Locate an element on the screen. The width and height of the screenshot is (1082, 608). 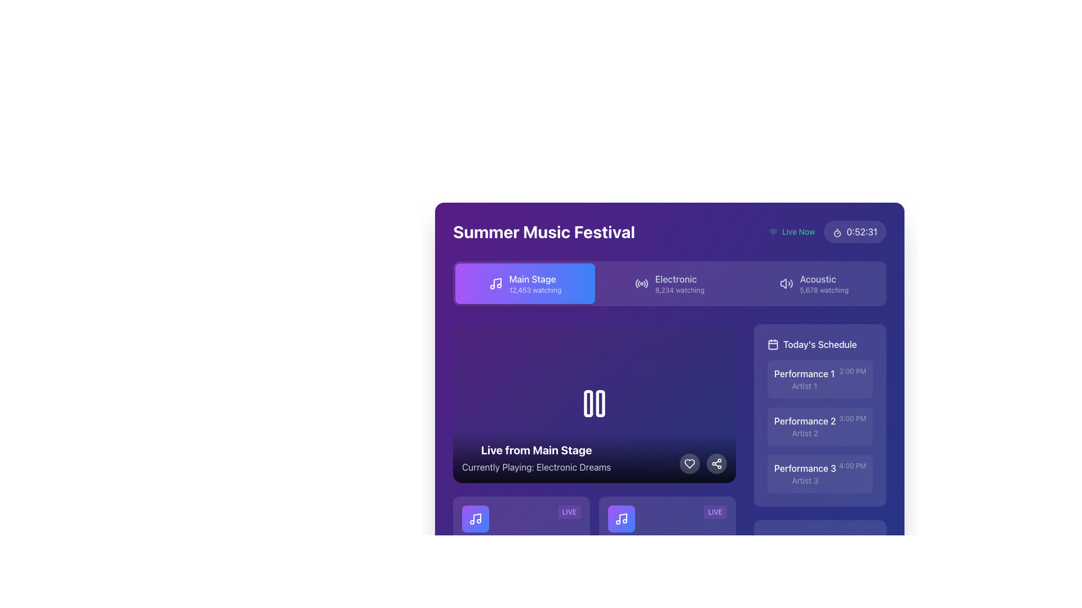
the text label displaying '4:00 PM' in light gray color located at the bottom right corner of the 'Today's Schedule' column, adjacent to 'Artist 3' is located at coordinates (852, 466).